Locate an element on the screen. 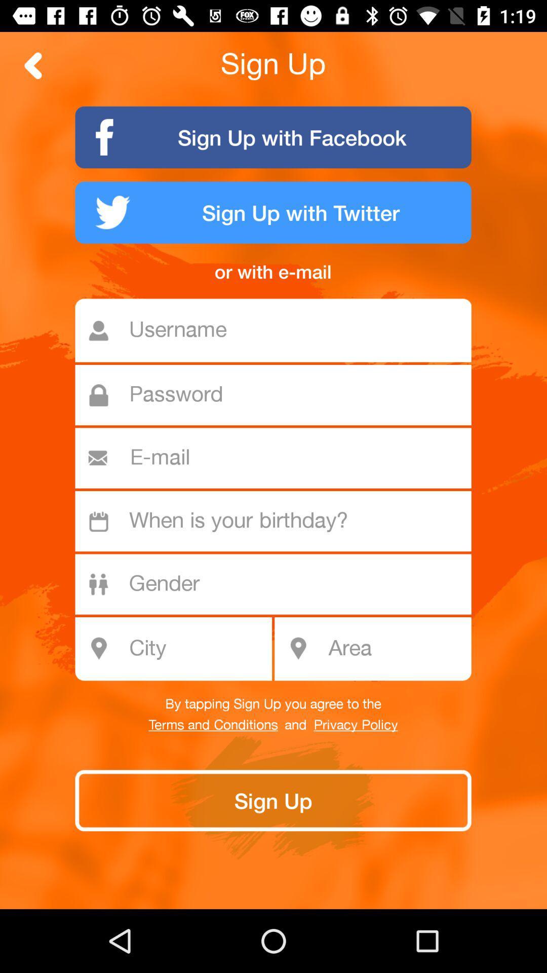  the item below the by tapping sign is located at coordinates (355, 725).